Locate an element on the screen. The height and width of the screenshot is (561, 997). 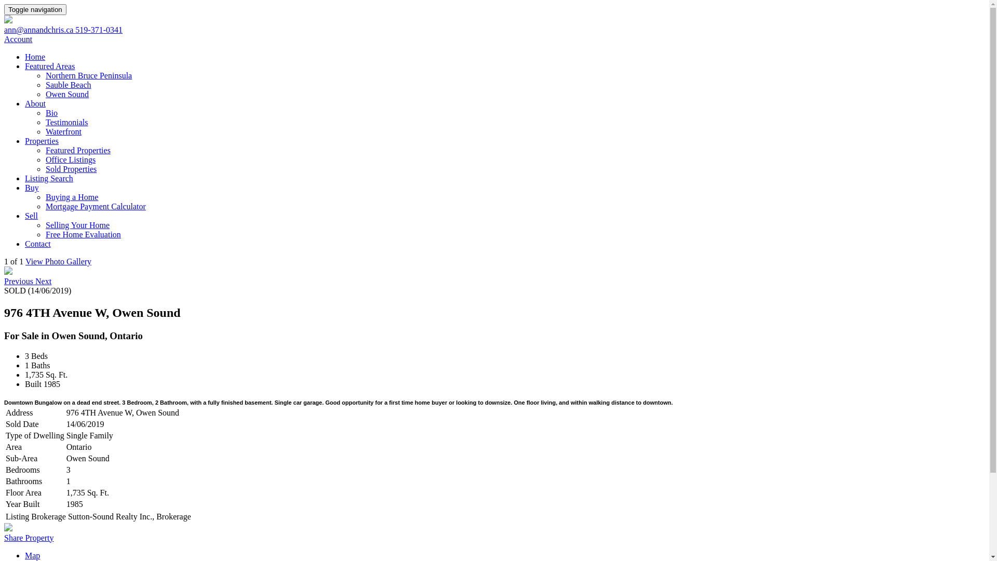
'Home' is located at coordinates (35, 57).